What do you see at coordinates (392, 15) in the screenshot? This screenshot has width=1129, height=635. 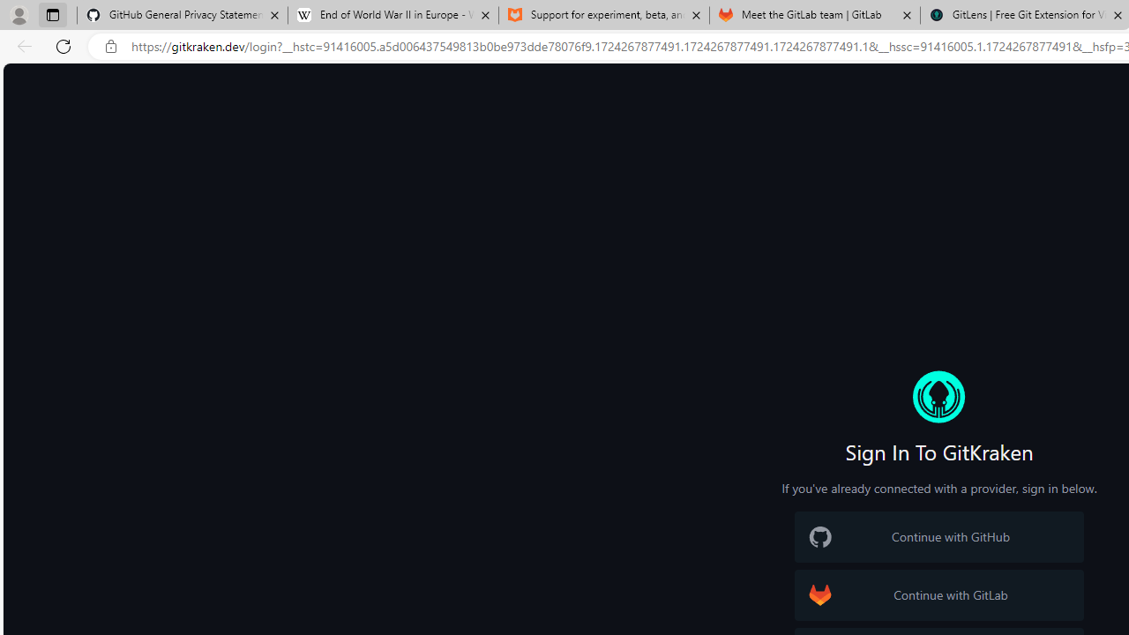 I see `'End of World War II in Europe - Wikipedia'` at bounding box center [392, 15].